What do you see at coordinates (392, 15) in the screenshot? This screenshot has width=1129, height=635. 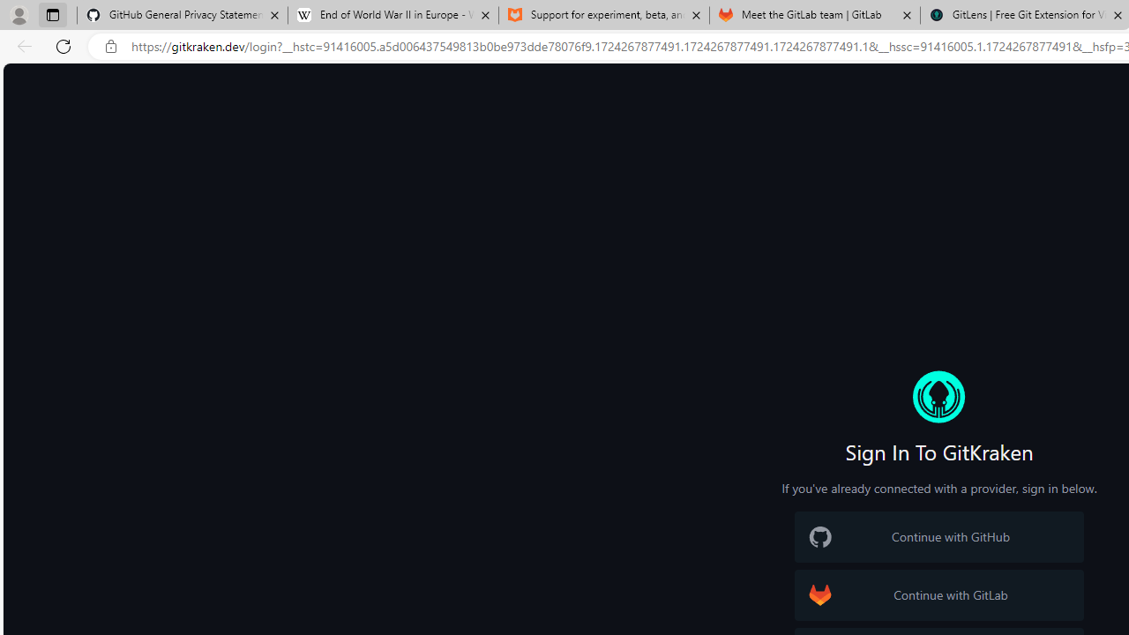 I see `'End of World War II in Europe - Wikipedia'` at bounding box center [392, 15].